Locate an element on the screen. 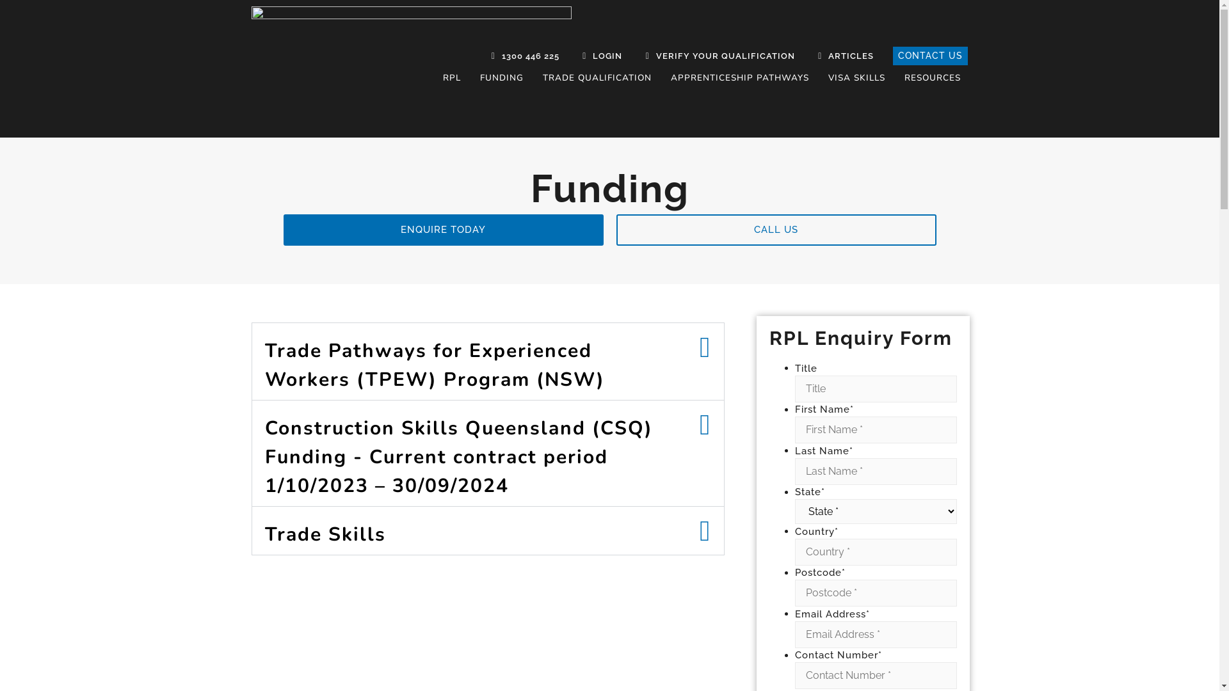  'VISA SKILLS' is located at coordinates (856, 78).